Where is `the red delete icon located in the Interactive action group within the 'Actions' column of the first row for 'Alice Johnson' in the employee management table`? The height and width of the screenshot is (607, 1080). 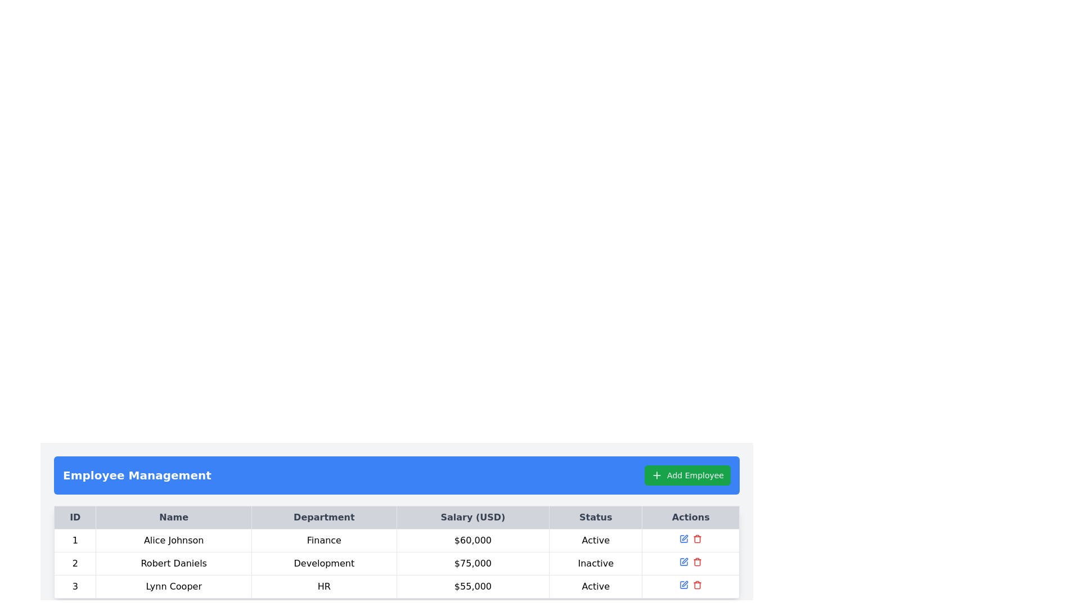
the red delete icon located in the Interactive action group within the 'Actions' column of the first row for 'Alice Johnson' in the employee management table is located at coordinates (690, 540).